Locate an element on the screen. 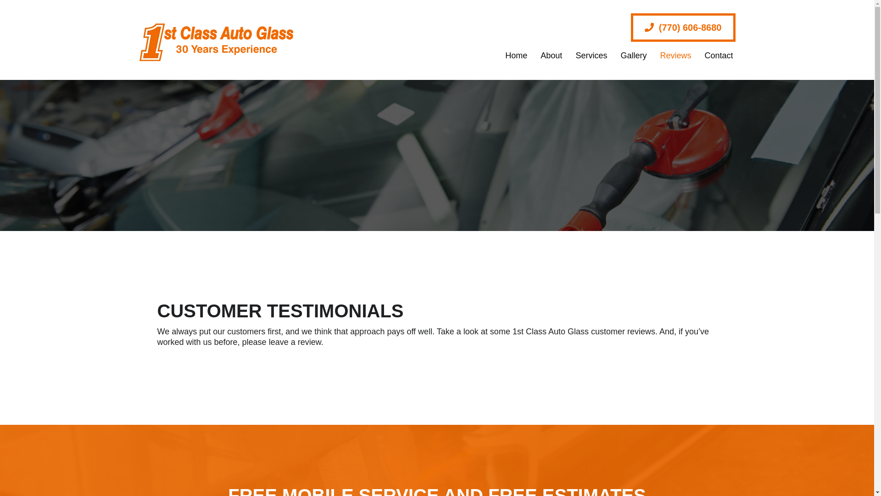 This screenshot has height=496, width=881. 'Contact' is located at coordinates (714, 55).